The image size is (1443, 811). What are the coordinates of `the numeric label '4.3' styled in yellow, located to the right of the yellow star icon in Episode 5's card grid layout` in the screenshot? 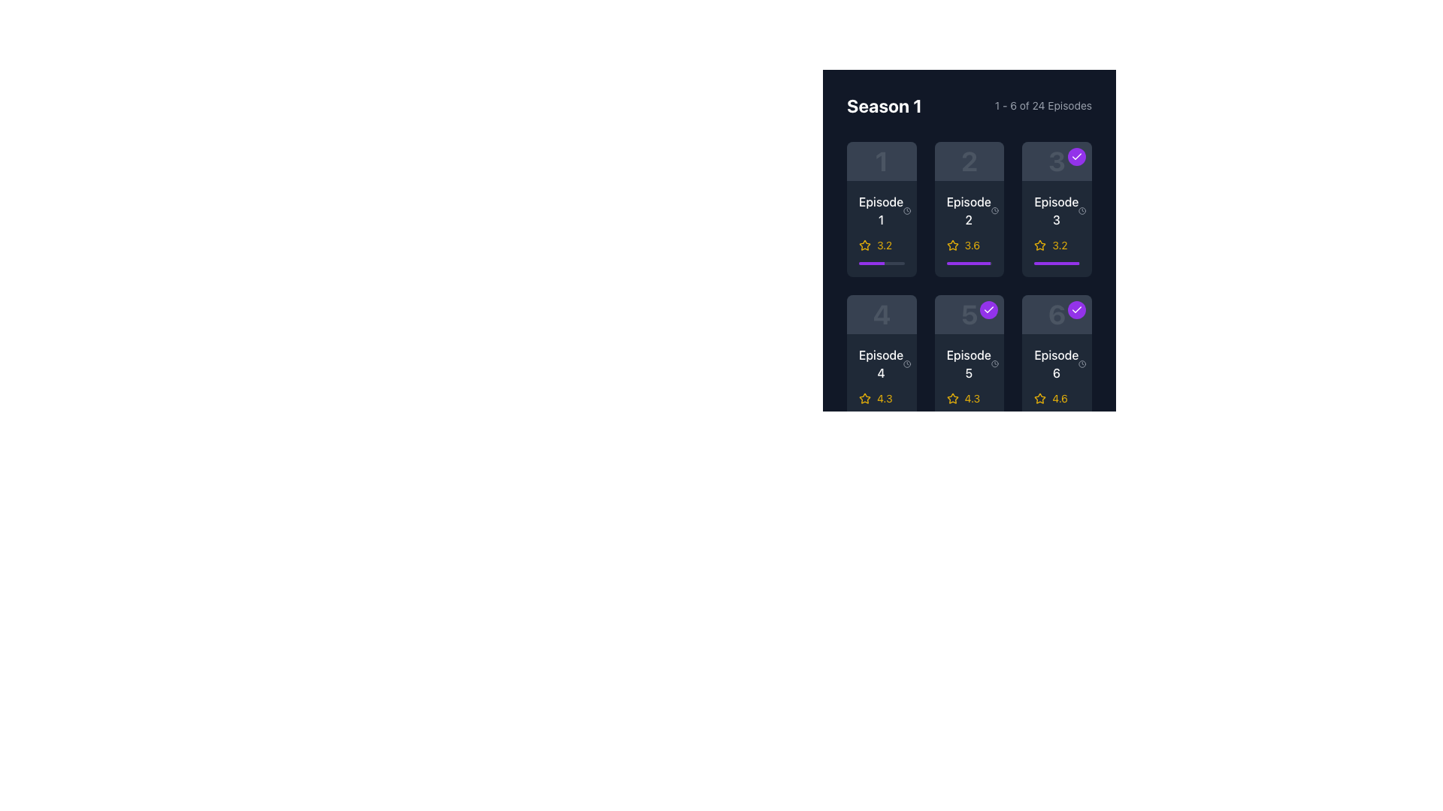 It's located at (885, 398).